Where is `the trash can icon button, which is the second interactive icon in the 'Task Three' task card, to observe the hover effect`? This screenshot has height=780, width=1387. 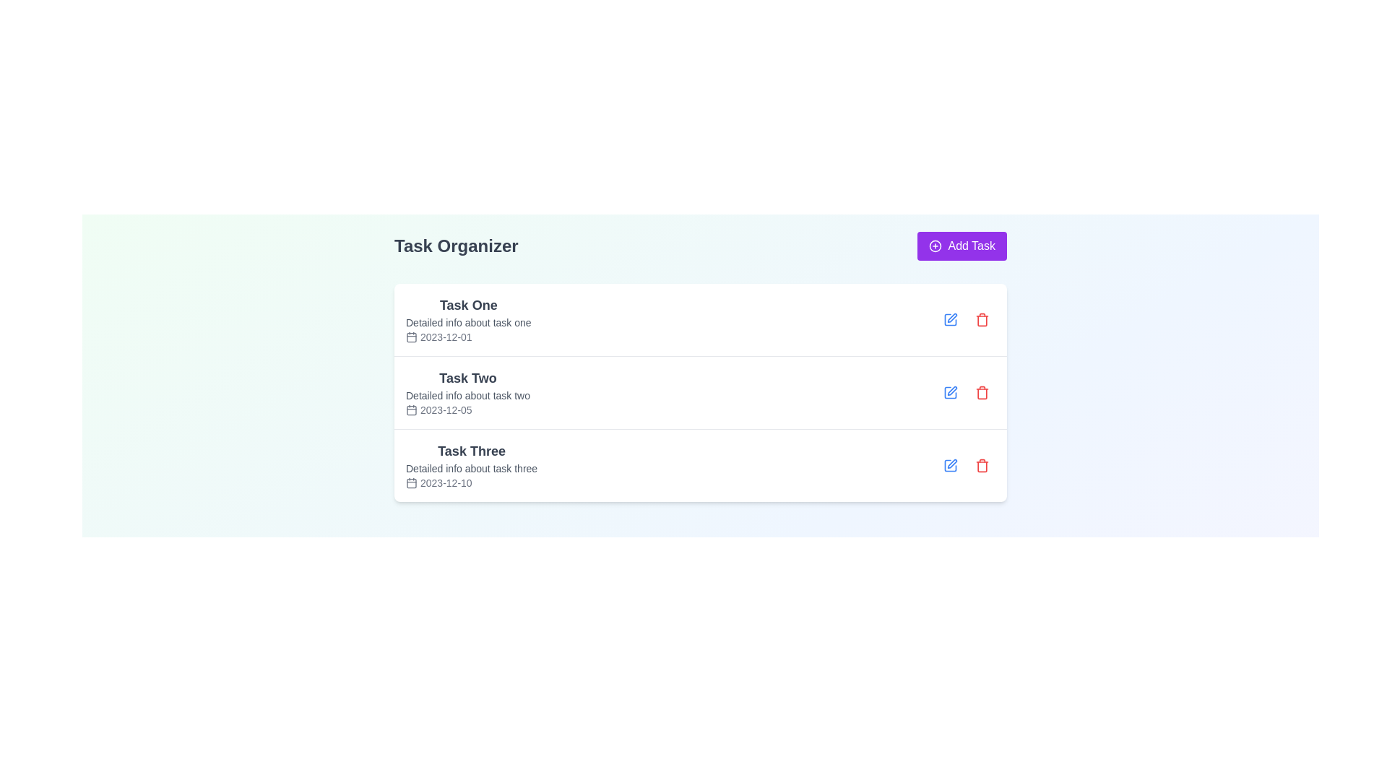
the trash can icon button, which is the second interactive icon in the 'Task Three' task card, to observe the hover effect is located at coordinates (982, 465).